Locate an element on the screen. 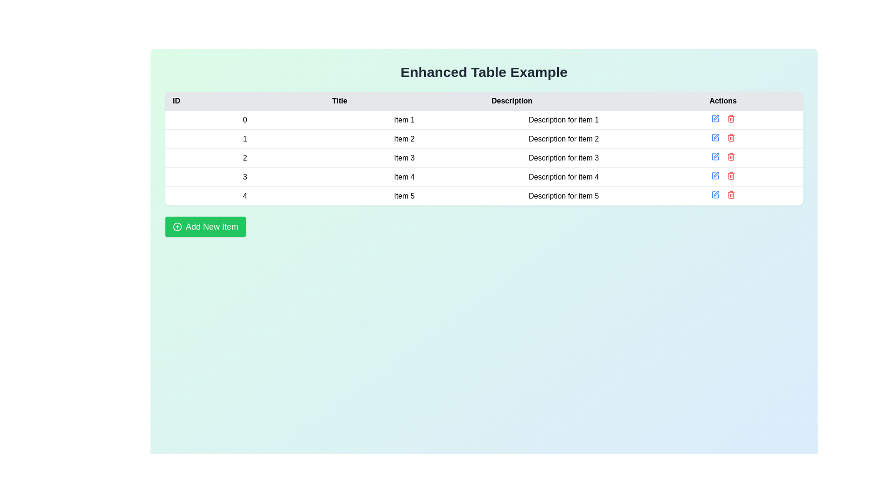 Image resolution: width=892 pixels, height=501 pixels. the edit button located in the 'Actions' column for 'Item 3', which is the first icon before the red trash can icon is located at coordinates (715, 156).